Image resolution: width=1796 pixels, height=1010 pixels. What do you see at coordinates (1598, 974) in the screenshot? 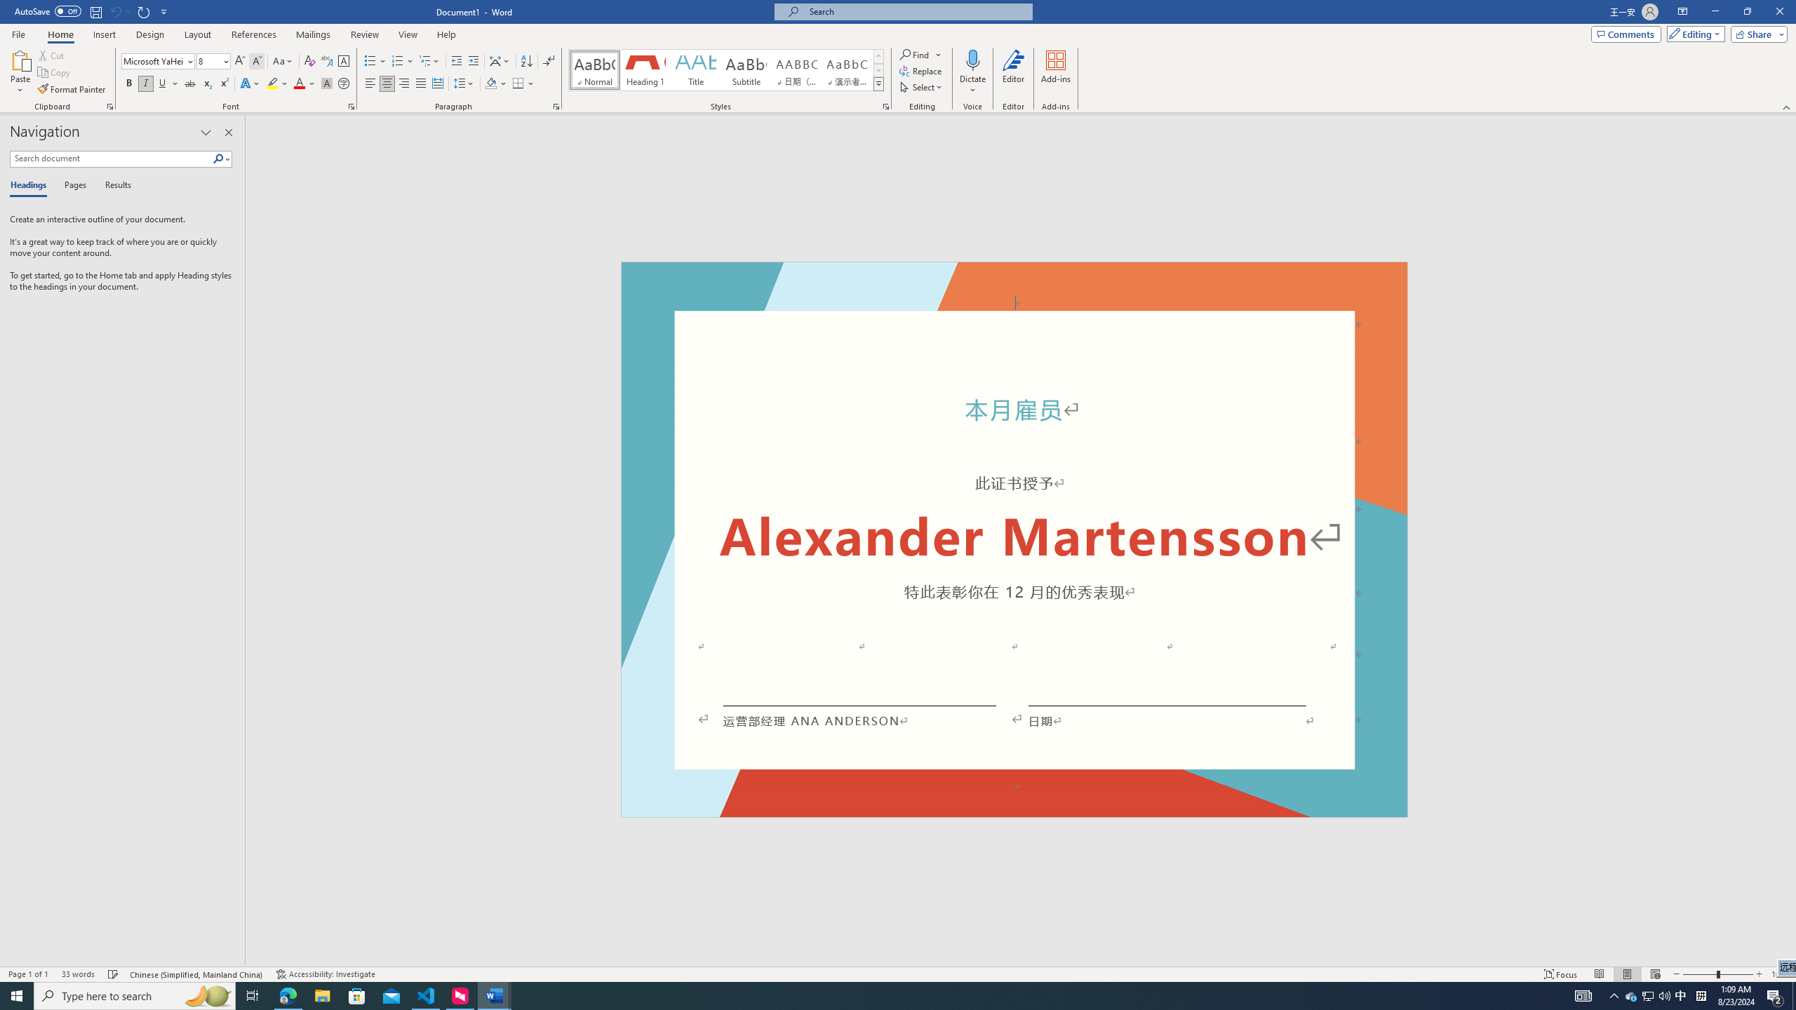
I see `'Read Mode'` at bounding box center [1598, 974].